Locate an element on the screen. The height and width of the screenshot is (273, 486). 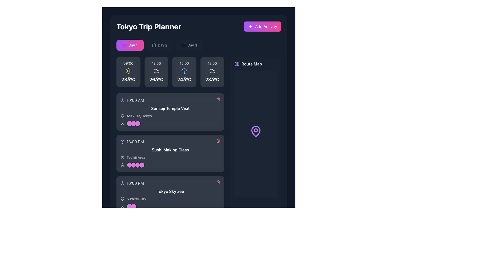
the informational weather card displaying data for 15:00, located in the third position of a grid of four horizontally arranged elements is located at coordinates (170, 72).